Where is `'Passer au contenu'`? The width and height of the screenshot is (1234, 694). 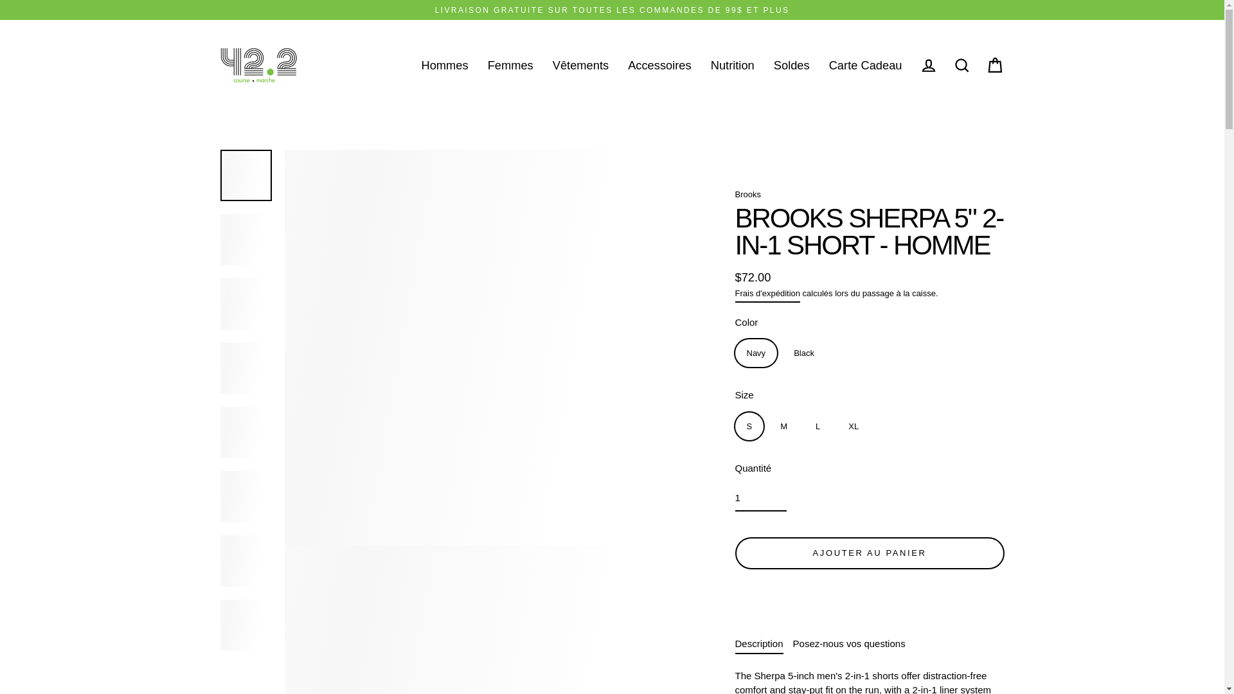 'Passer au contenu' is located at coordinates (0, 0).